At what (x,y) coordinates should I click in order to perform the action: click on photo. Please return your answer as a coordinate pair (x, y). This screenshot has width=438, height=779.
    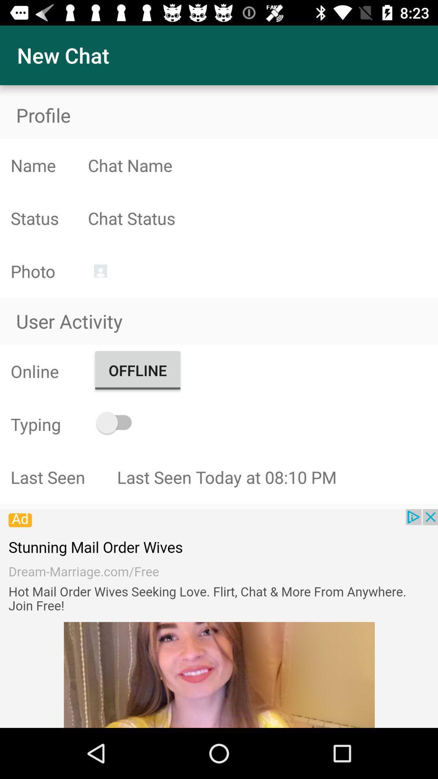
    Looking at the image, I should click on (100, 271).